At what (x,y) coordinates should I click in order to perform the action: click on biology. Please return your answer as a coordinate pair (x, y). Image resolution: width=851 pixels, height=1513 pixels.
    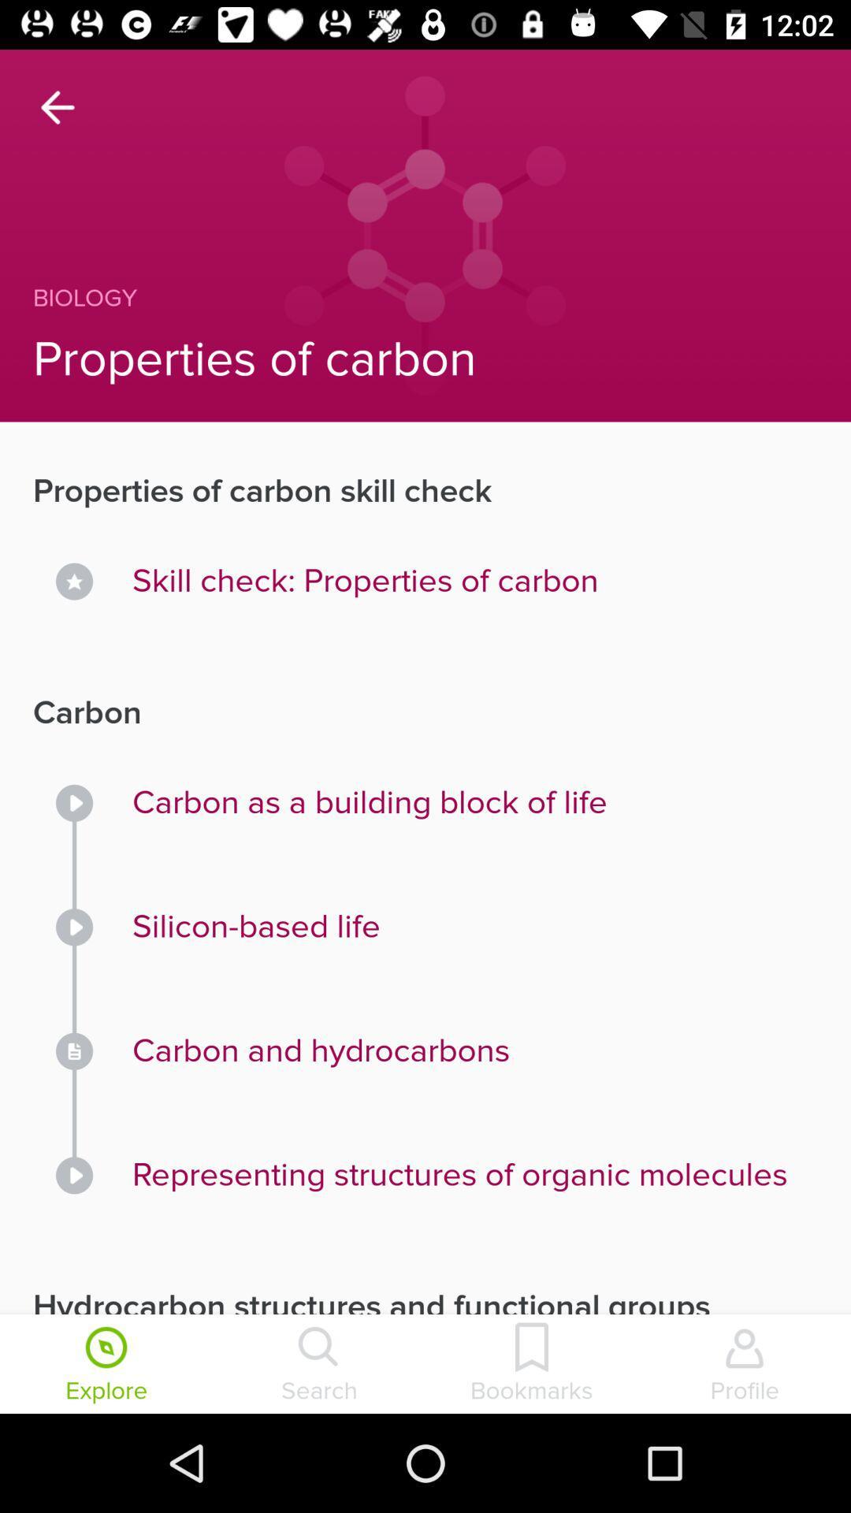
    Looking at the image, I should click on (391, 298).